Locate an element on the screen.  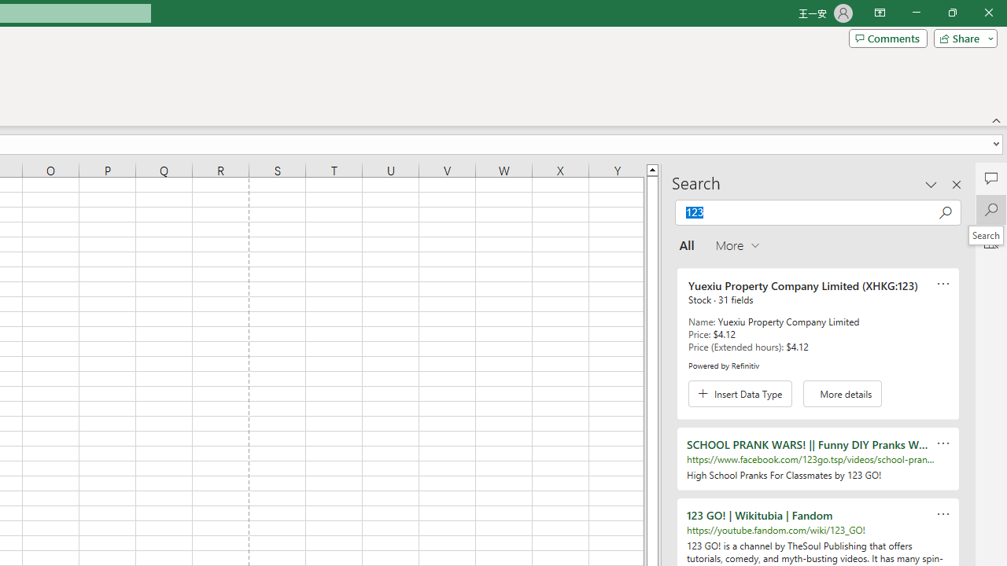
'Search' is located at coordinates (990, 209).